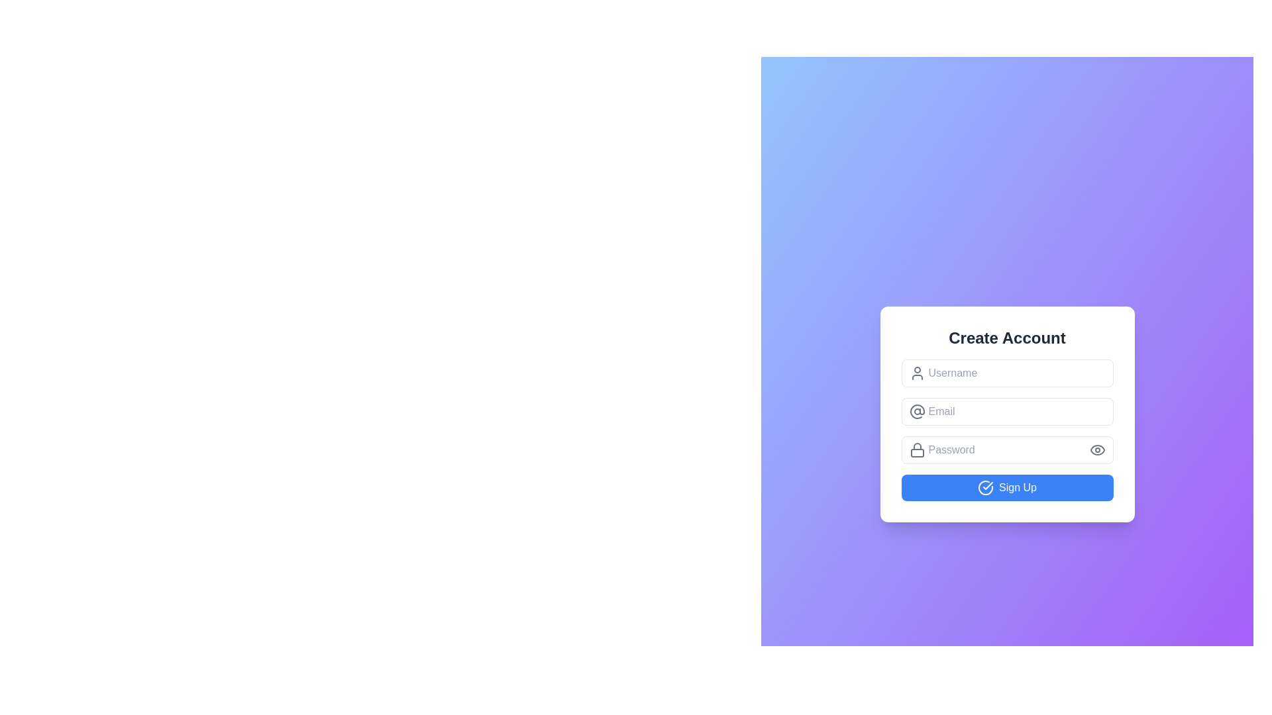 The height and width of the screenshot is (715, 1272). Describe the element at coordinates (916, 449) in the screenshot. I see `lock icon located to the left of the password input field by opening developer tools` at that location.